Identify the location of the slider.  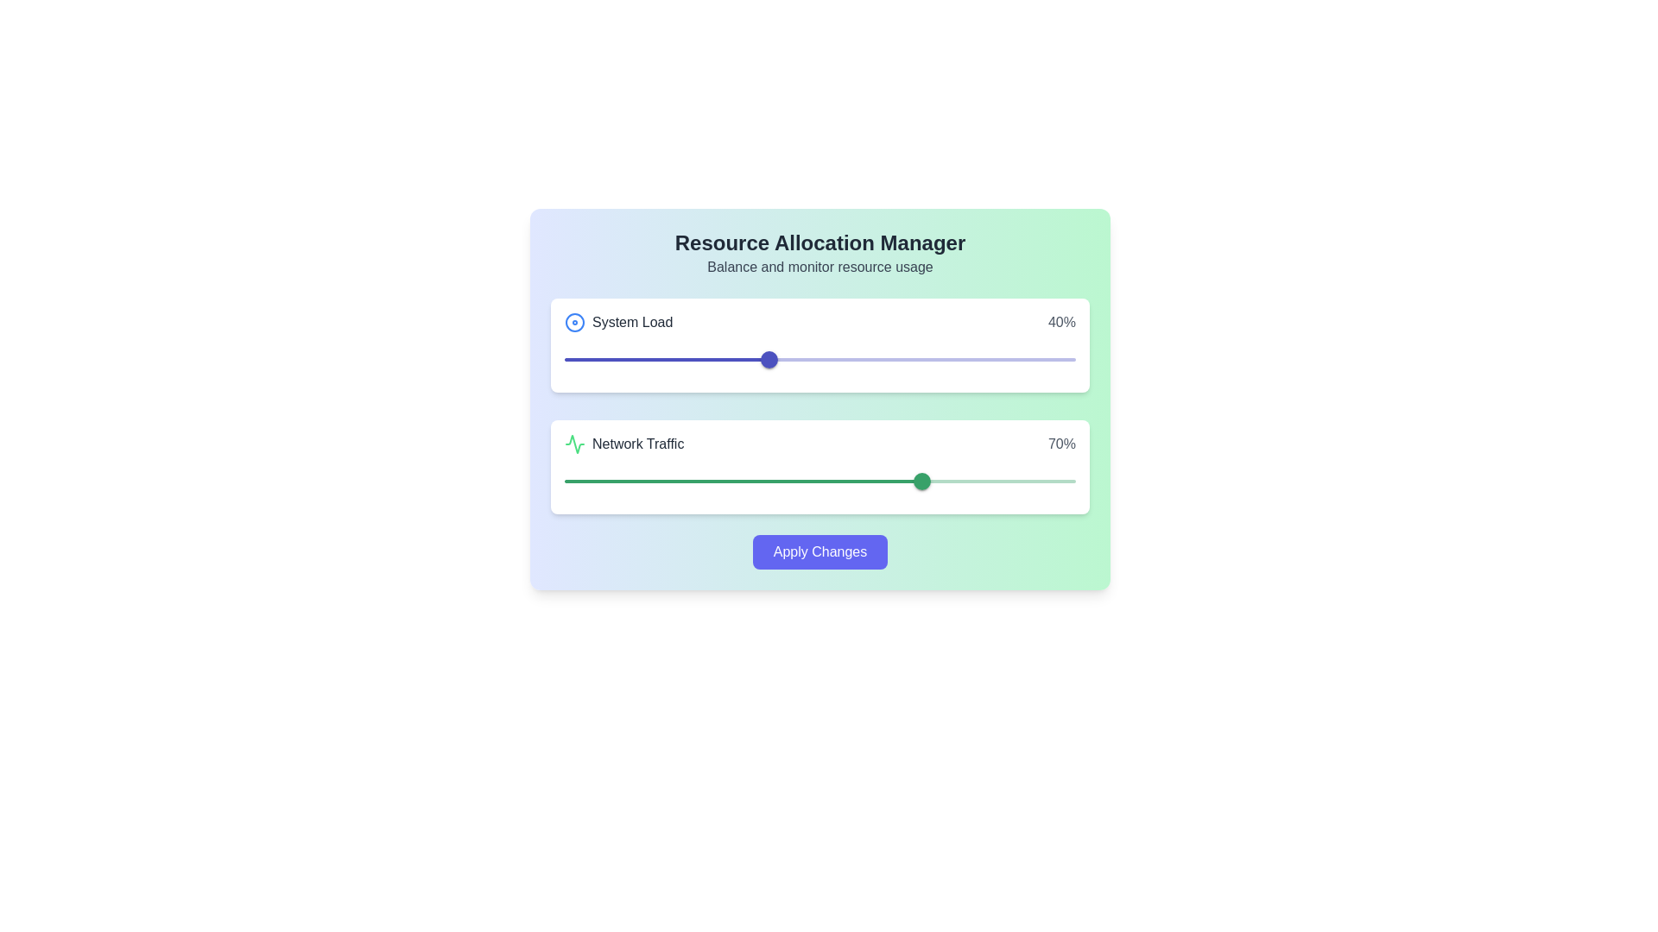
(811, 358).